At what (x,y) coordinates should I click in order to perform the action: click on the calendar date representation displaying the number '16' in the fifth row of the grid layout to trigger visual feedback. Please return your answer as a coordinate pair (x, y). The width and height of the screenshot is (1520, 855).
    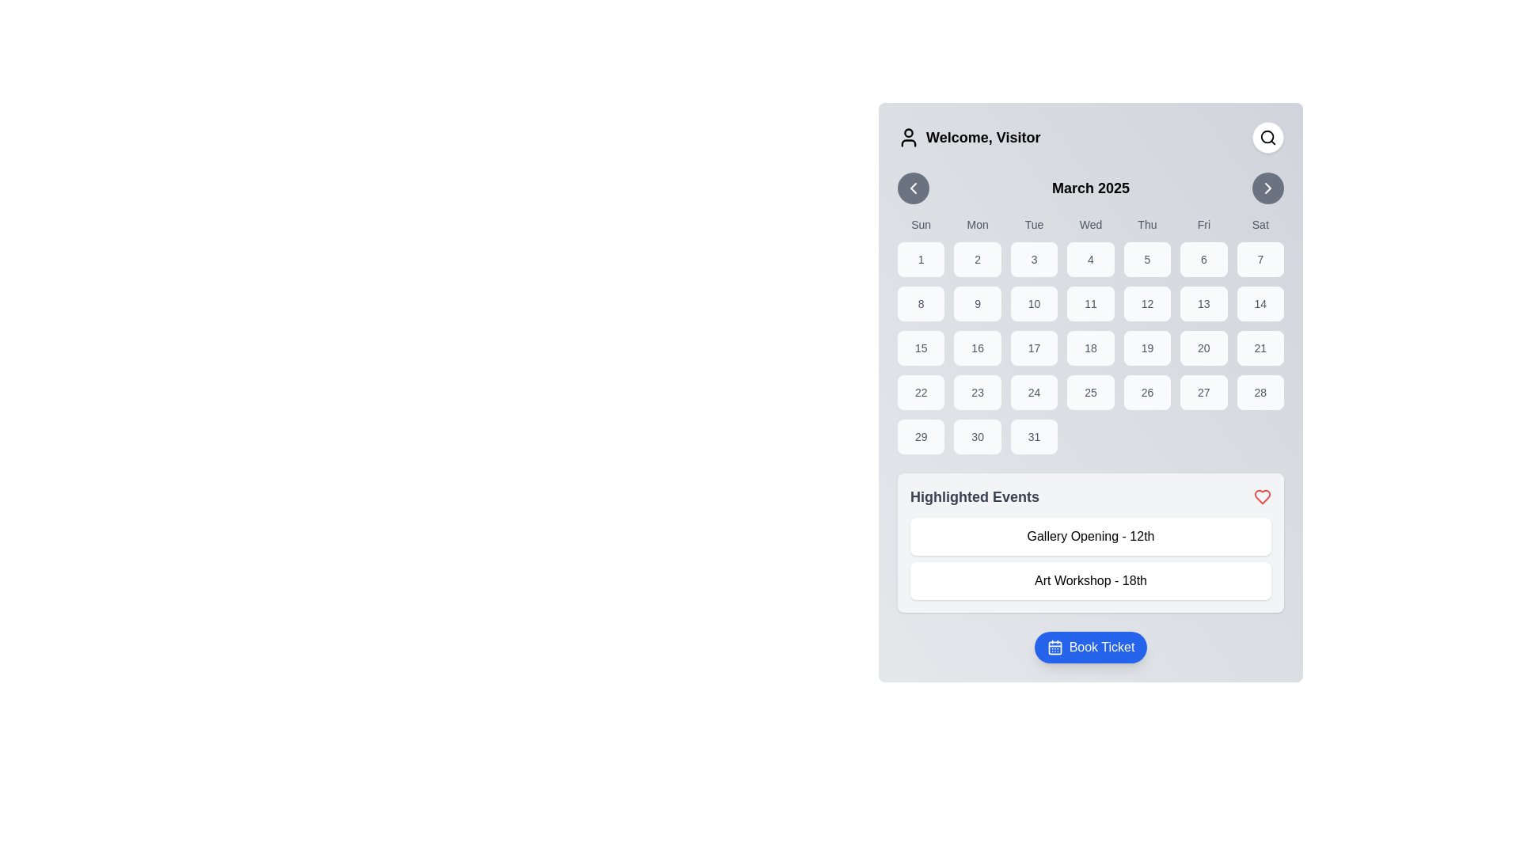
    Looking at the image, I should click on (977, 347).